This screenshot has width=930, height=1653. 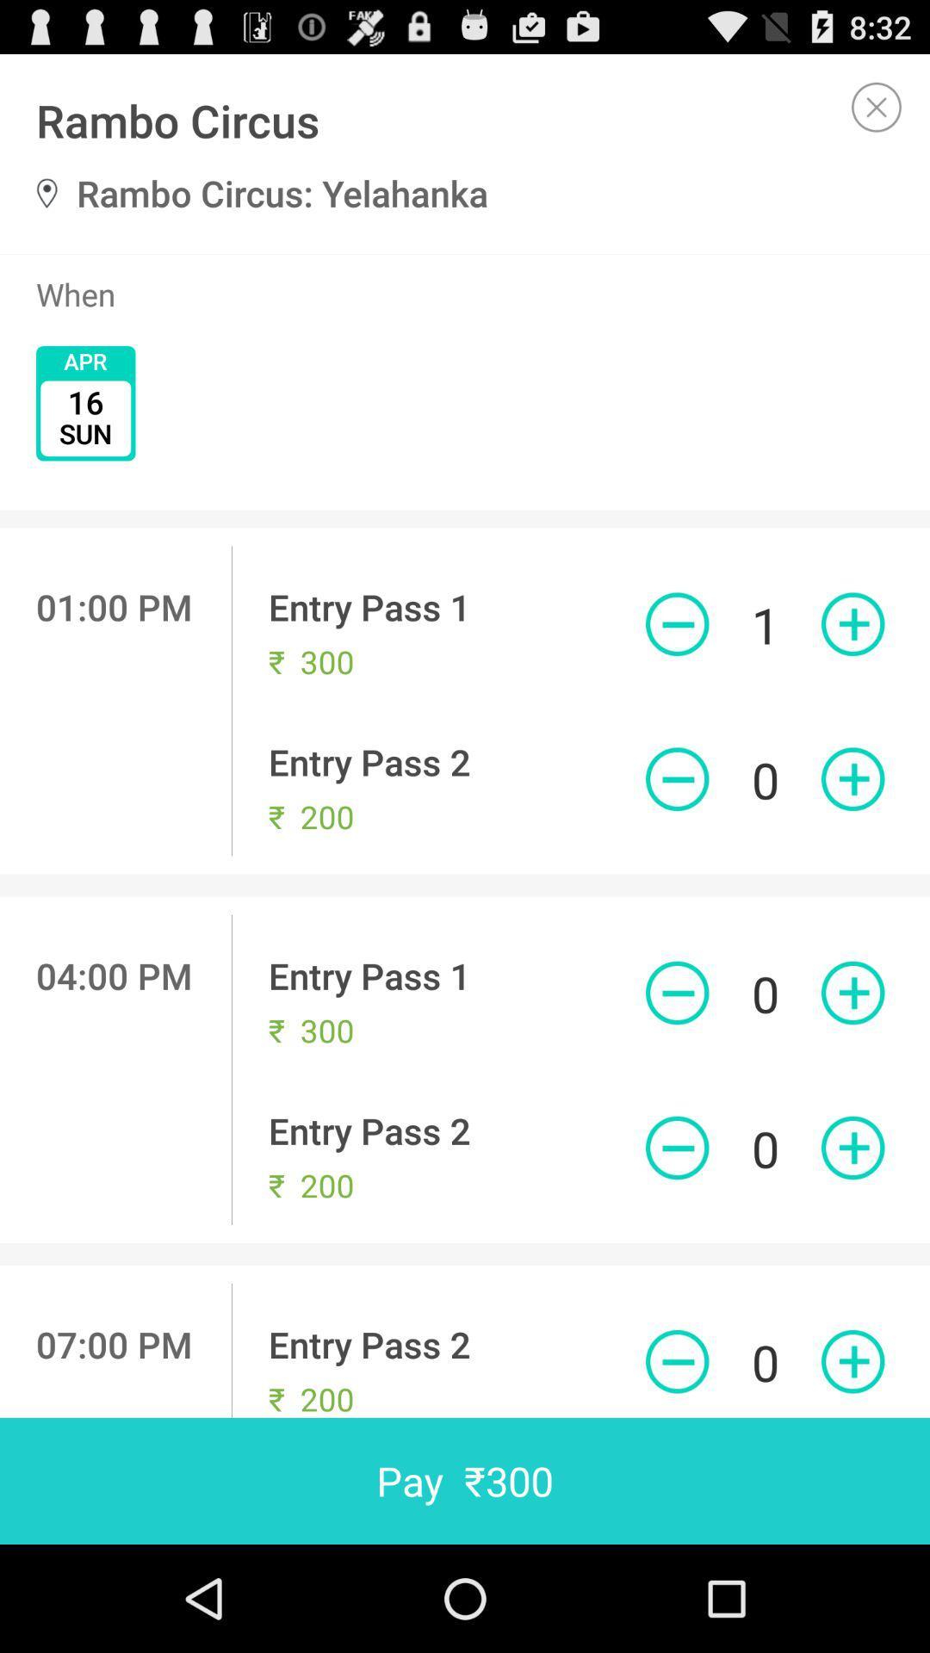 I want to click on click plus to select, so click(x=852, y=1360).